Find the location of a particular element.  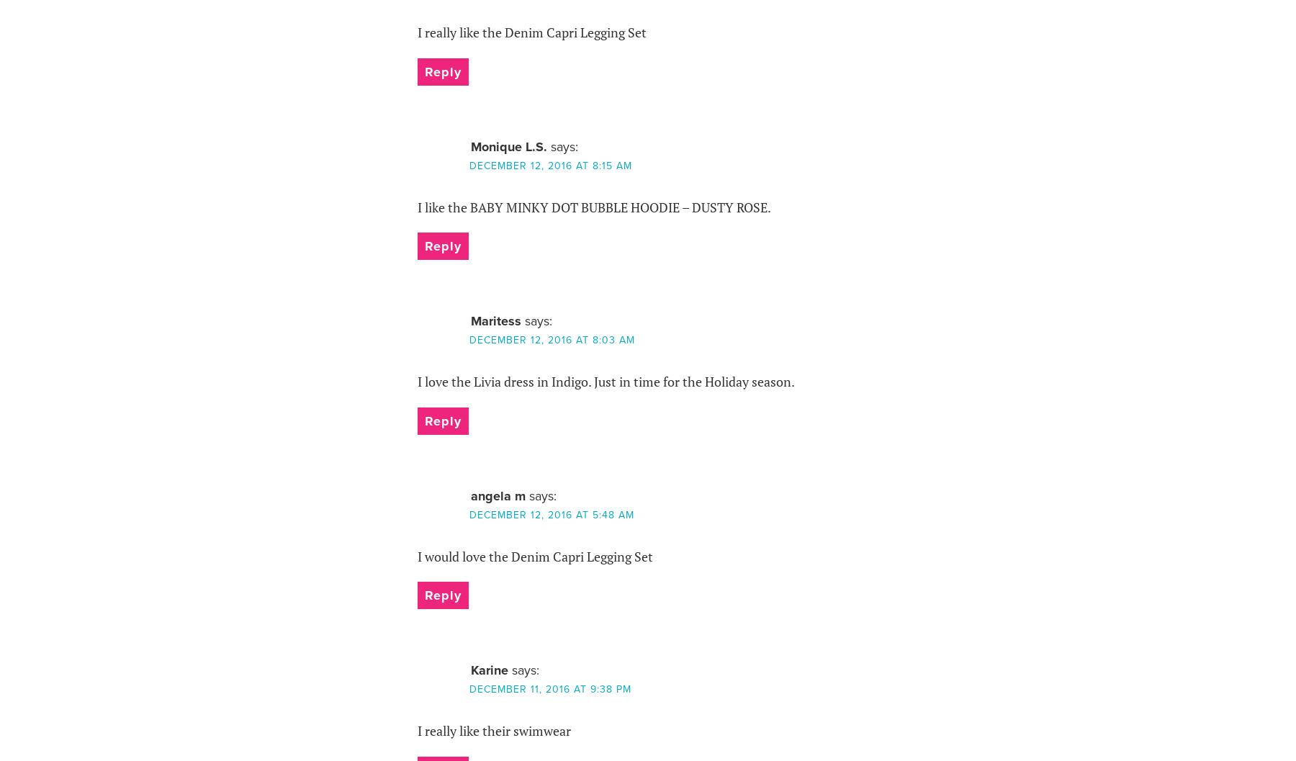

'Maritess' is located at coordinates (494, 320).